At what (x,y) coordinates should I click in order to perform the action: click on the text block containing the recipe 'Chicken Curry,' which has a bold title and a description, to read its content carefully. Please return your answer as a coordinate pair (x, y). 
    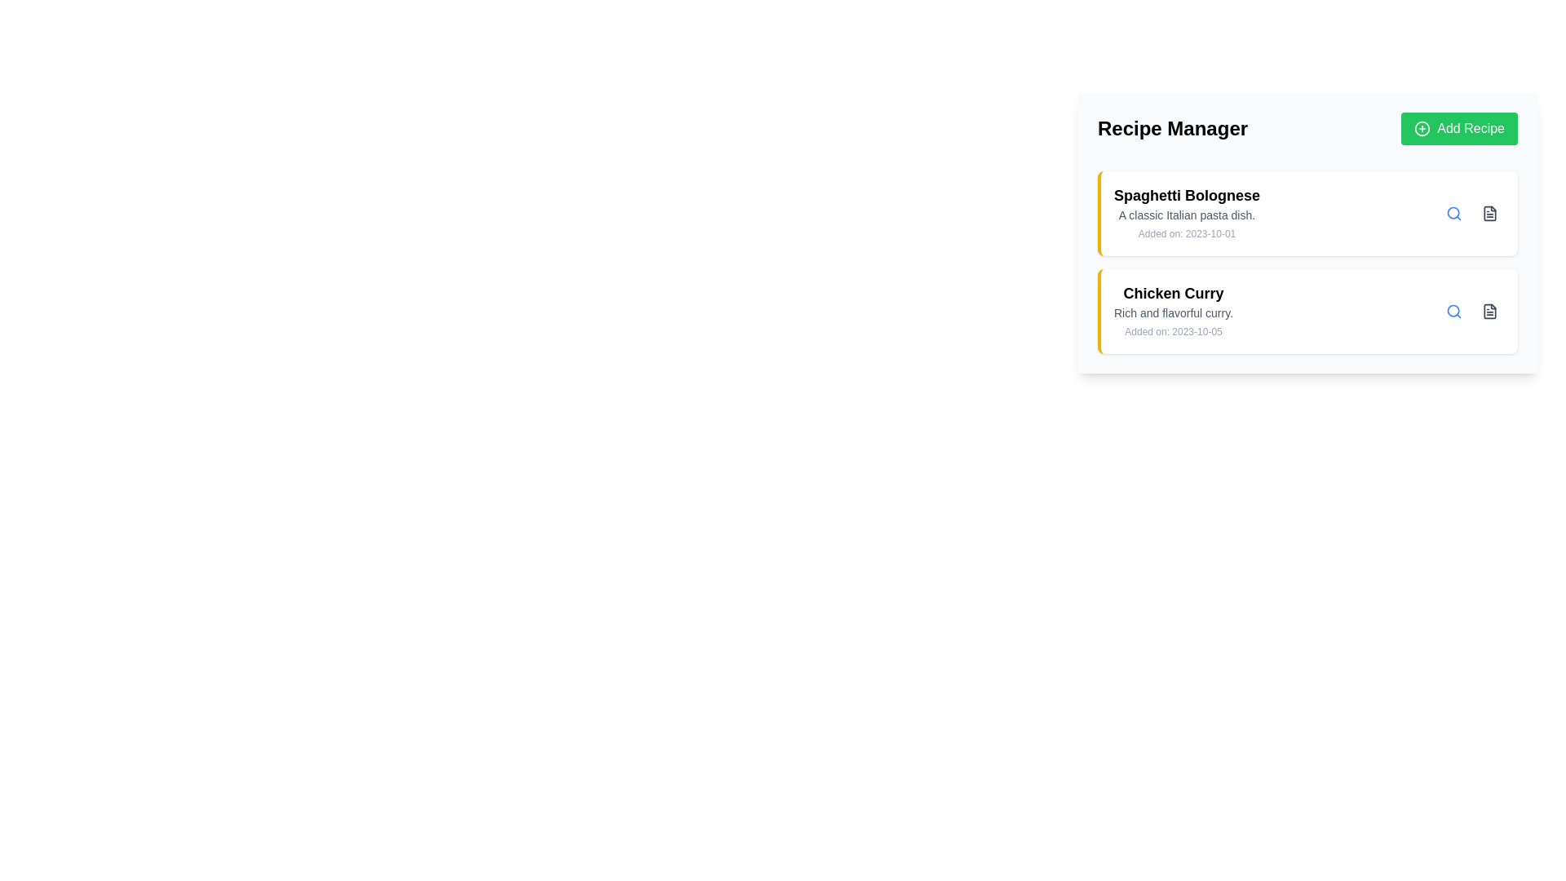
    Looking at the image, I should click on (1173, 311).